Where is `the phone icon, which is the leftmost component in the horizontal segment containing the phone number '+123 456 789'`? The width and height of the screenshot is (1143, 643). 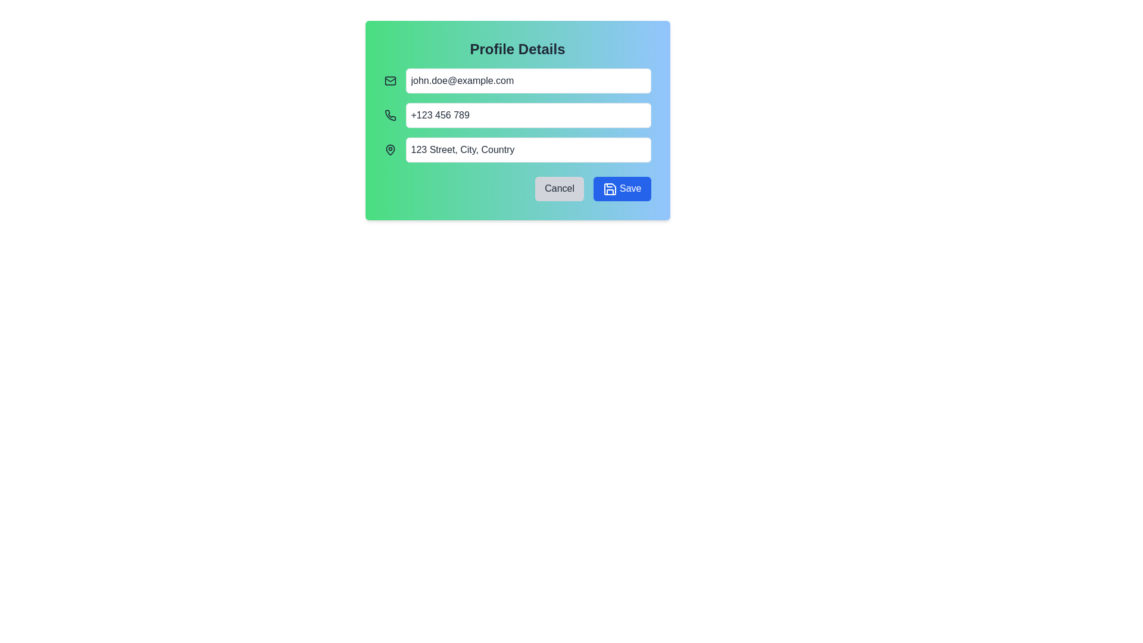 the phone icon, which is the leftmost component in the horizontal segment containing the phone number '+123 456 789' is located at coordinates (390, 115).